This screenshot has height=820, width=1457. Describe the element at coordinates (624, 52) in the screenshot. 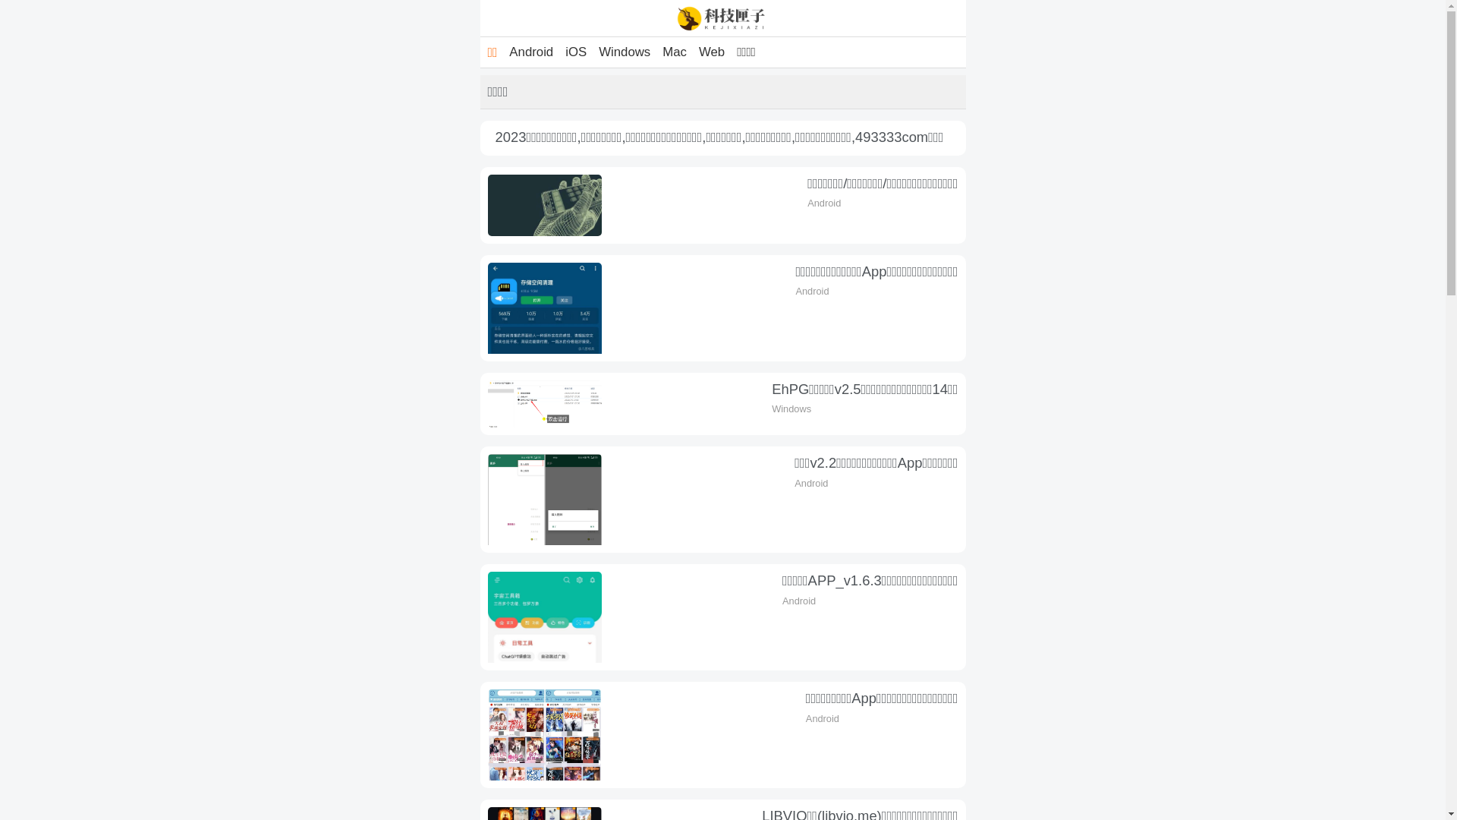

I see `'Windows'` at that location.